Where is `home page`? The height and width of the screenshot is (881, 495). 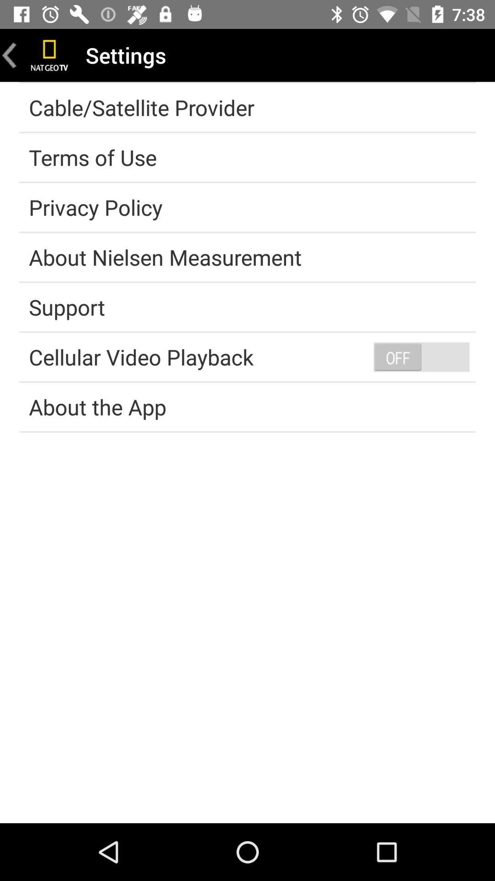
home page is located at coordinates (49, 55).